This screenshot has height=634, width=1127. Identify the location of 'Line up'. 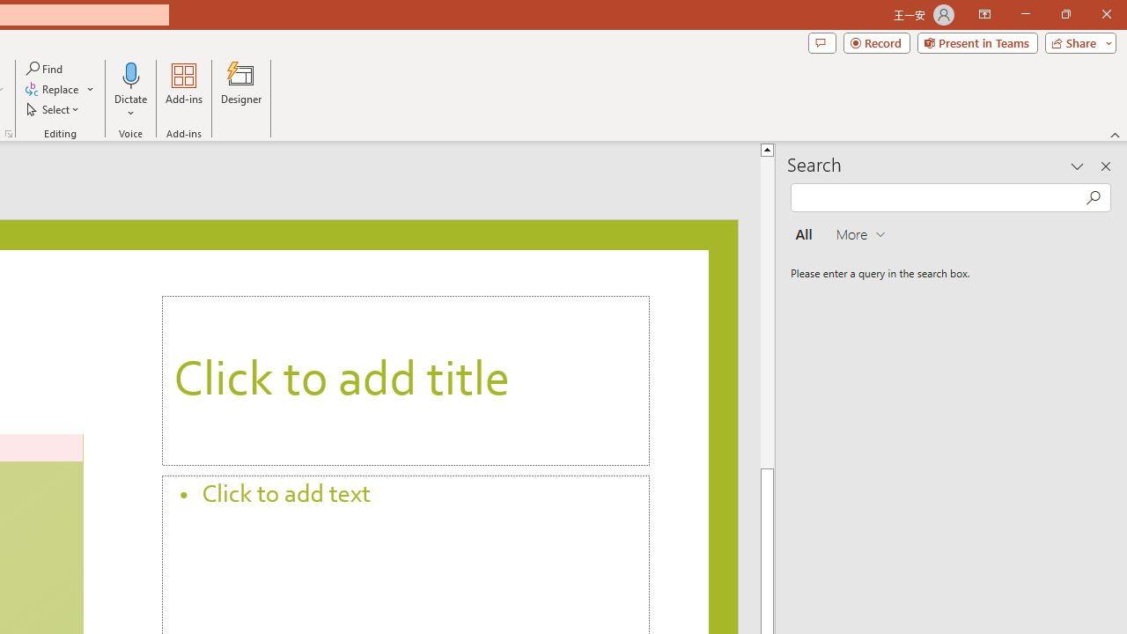
(769, 148).